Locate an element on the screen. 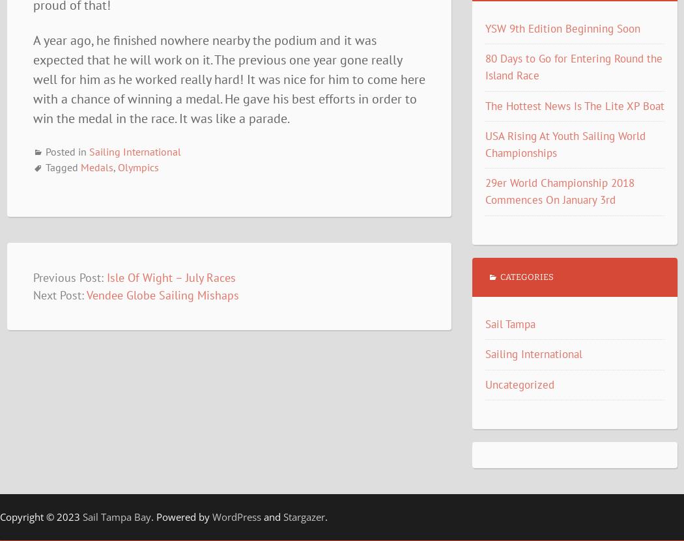 Image resolution: width=684 pixels, height=541 pixels. 'Tagged' is located at coordinates (44, 167).